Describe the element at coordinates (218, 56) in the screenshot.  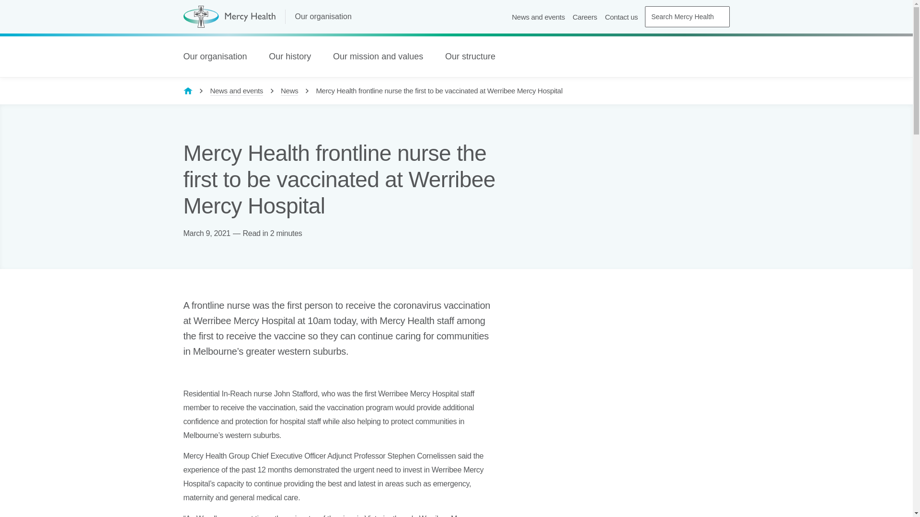
I see `'Our organisation'` at that location.